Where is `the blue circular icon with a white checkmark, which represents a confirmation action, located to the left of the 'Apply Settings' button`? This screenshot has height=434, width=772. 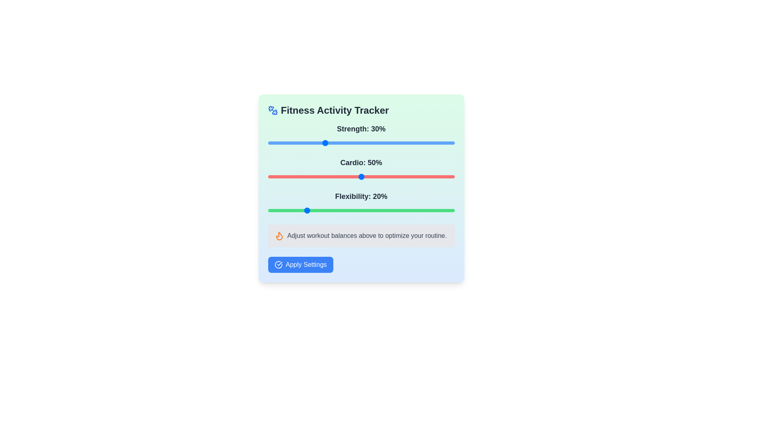 the blue circular icon with a white checkmark, which represents a confirmation action, located to the left of the 'Apply Settings' button is located at coordinates (278, 265).